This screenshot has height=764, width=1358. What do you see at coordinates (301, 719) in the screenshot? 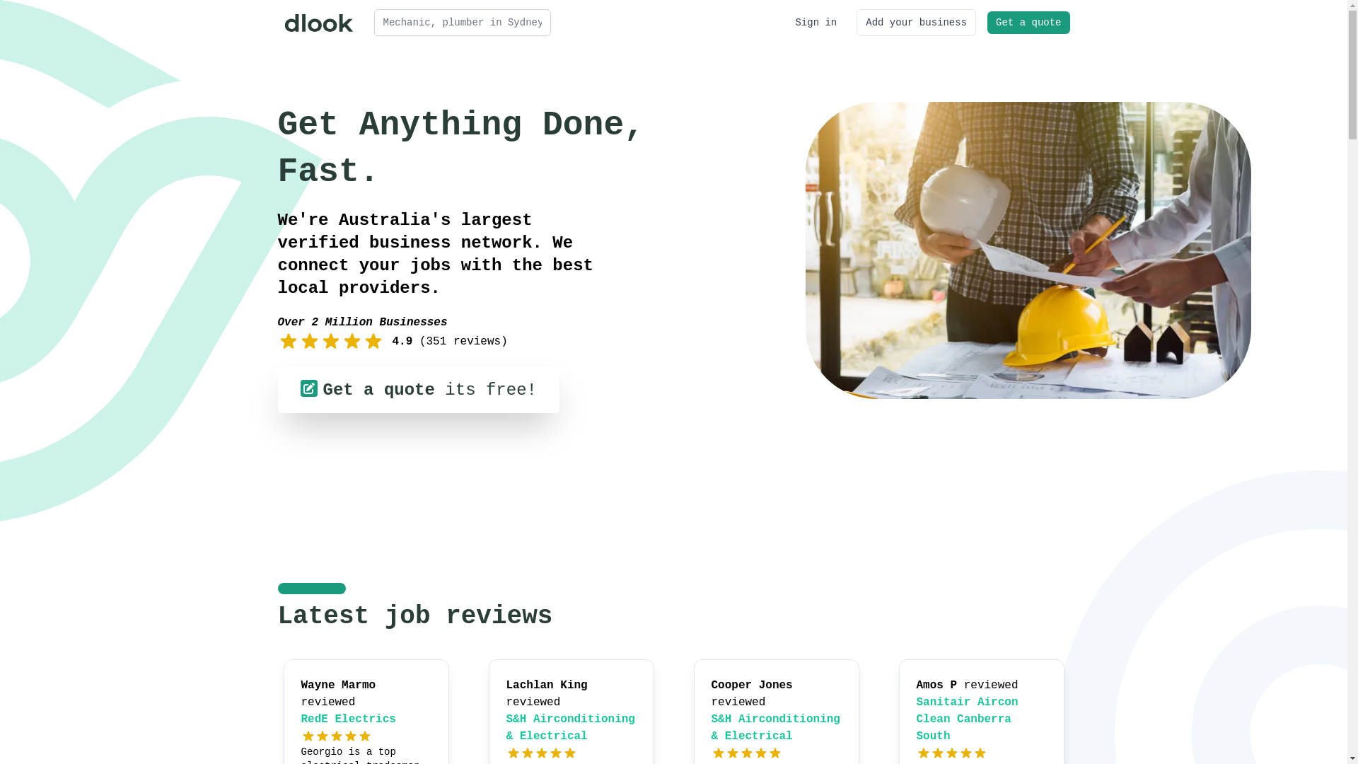
I see `'RedE Electrics'` at bounding box center [301, 719].